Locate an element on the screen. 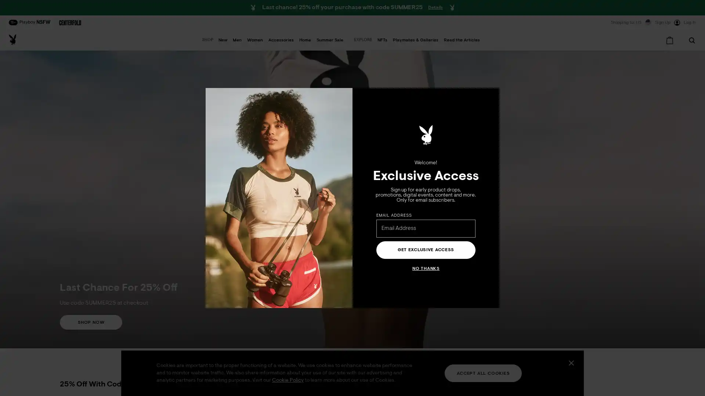 This screenshot has width=705, height=396. NO THANKS is located at coordinates (426, 268).